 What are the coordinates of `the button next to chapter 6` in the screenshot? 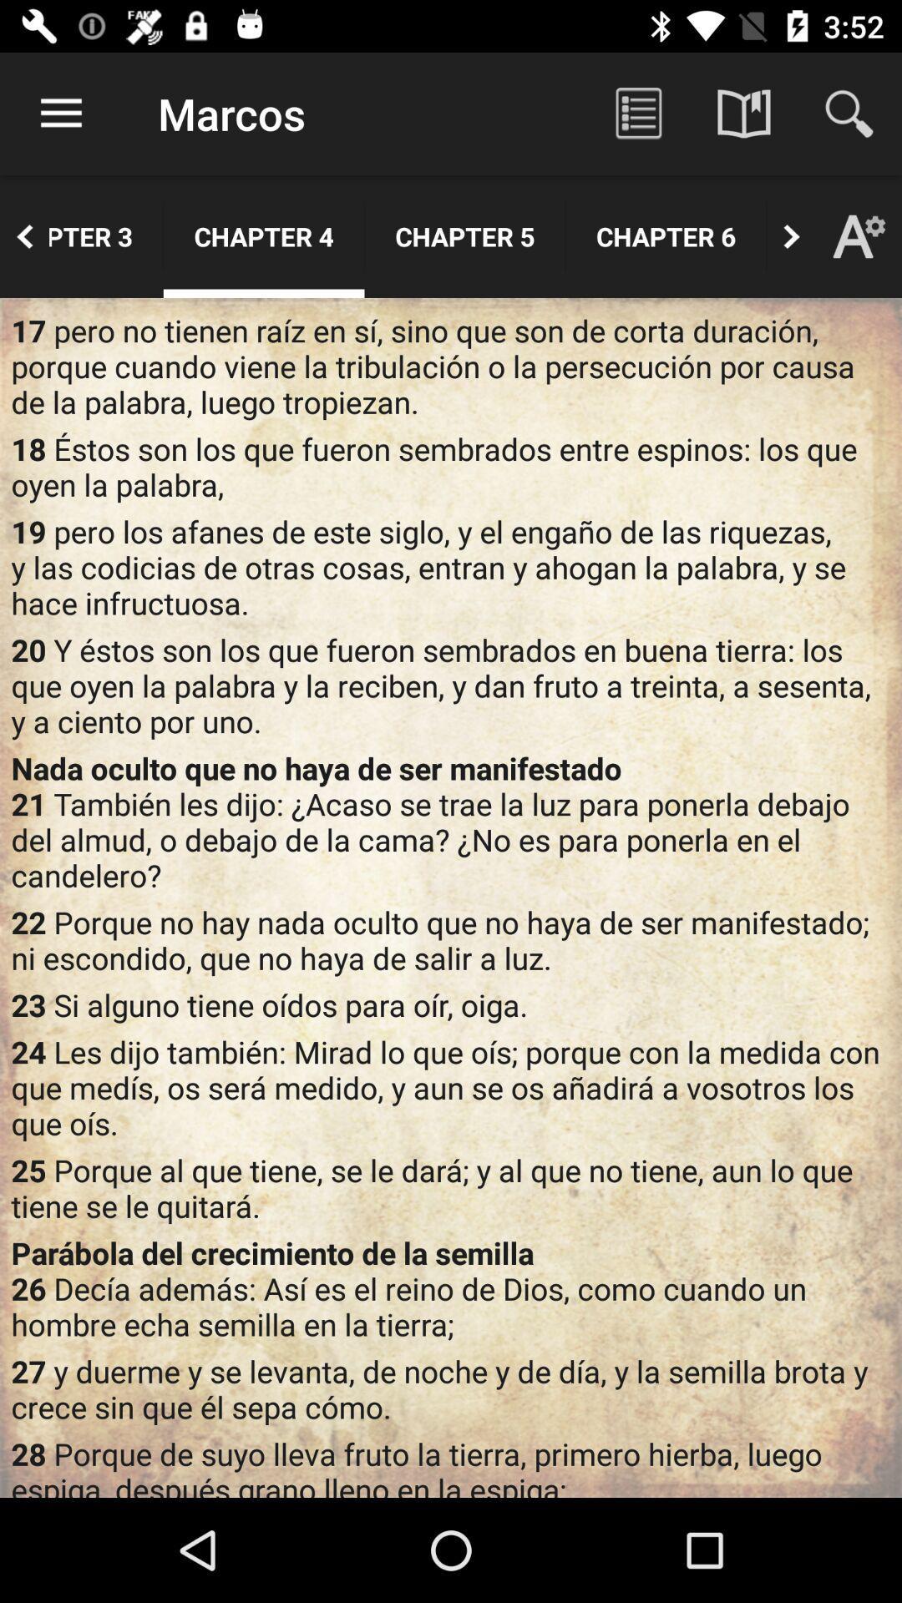 It's located at (791, 235).